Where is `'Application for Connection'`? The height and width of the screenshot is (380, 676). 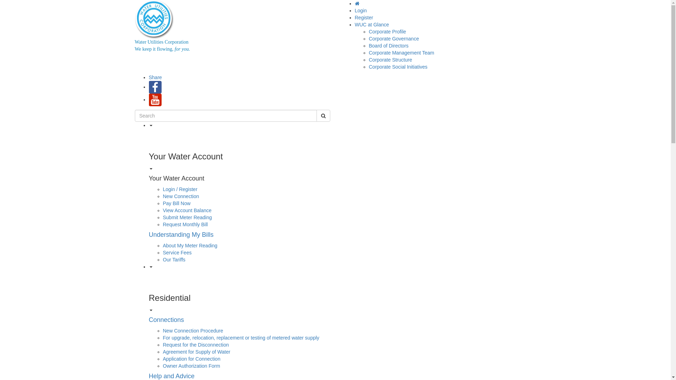 'Application for Connection' is located at coordinates (191, 359).